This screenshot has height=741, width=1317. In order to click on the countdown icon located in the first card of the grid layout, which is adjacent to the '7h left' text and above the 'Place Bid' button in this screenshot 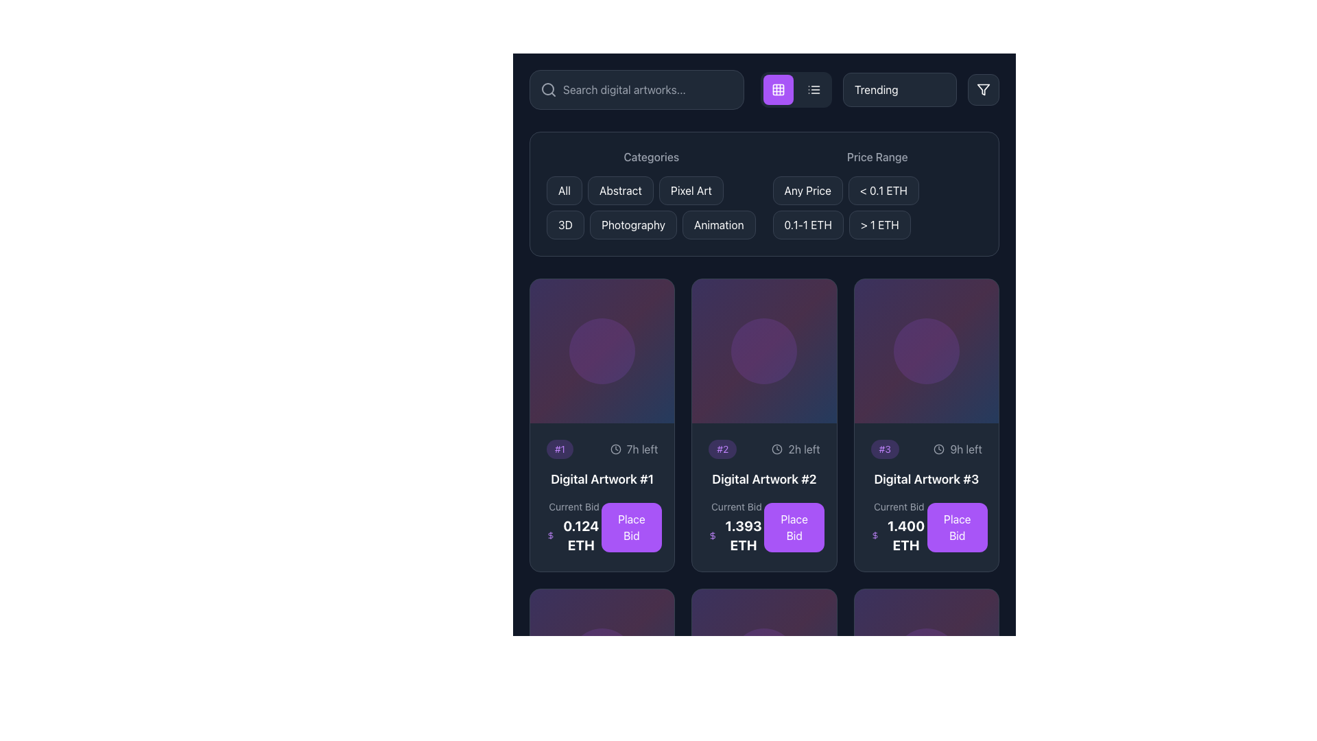, I will do `click(615, 449)`.